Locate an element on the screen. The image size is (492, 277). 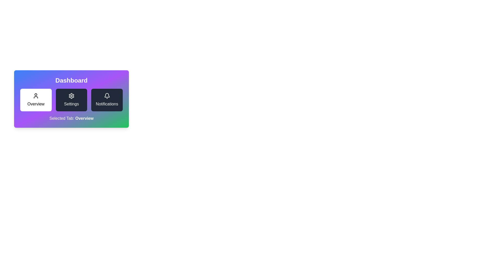
'Dashboard' text label displayed in bold, white, large font at the top center of the interface, above the buttons is located at coordinates (71, 80).